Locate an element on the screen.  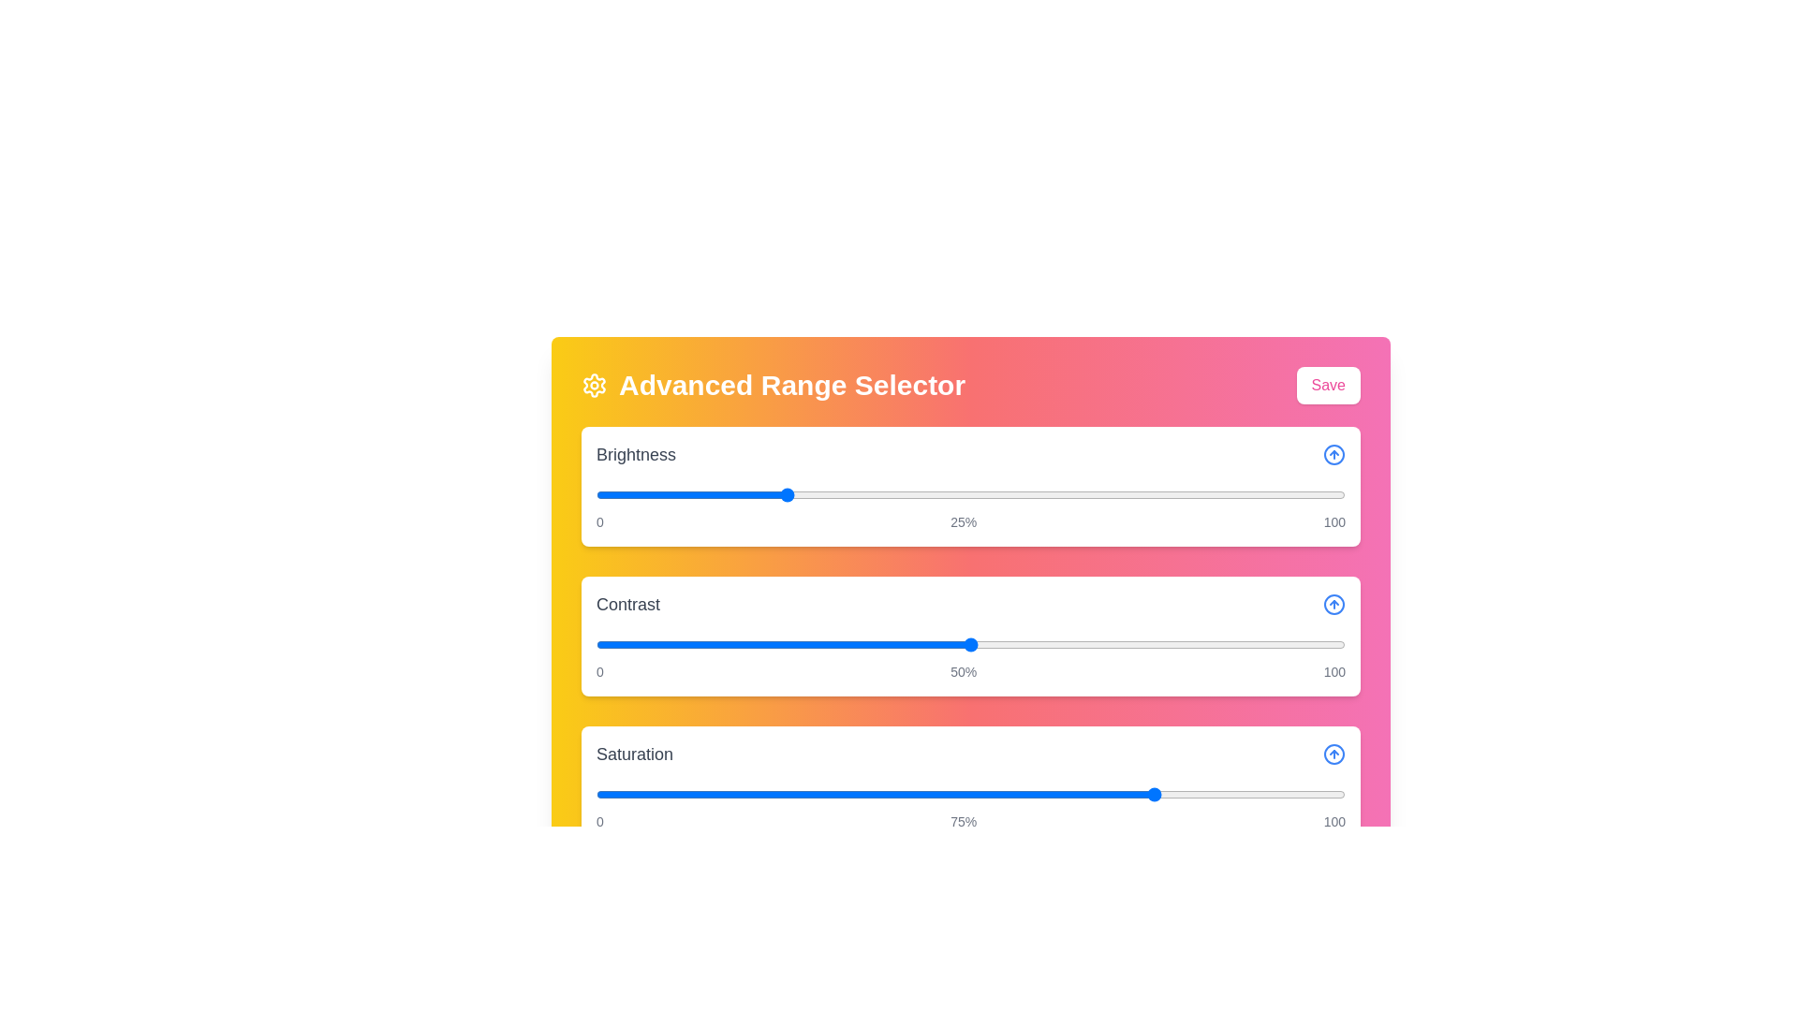
the arrow icon for Contrast is located at coordinates (1334, 604).